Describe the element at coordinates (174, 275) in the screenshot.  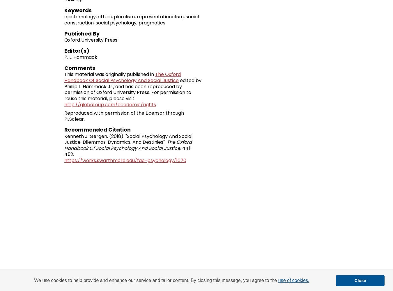
I see `'My Account'` at that location.